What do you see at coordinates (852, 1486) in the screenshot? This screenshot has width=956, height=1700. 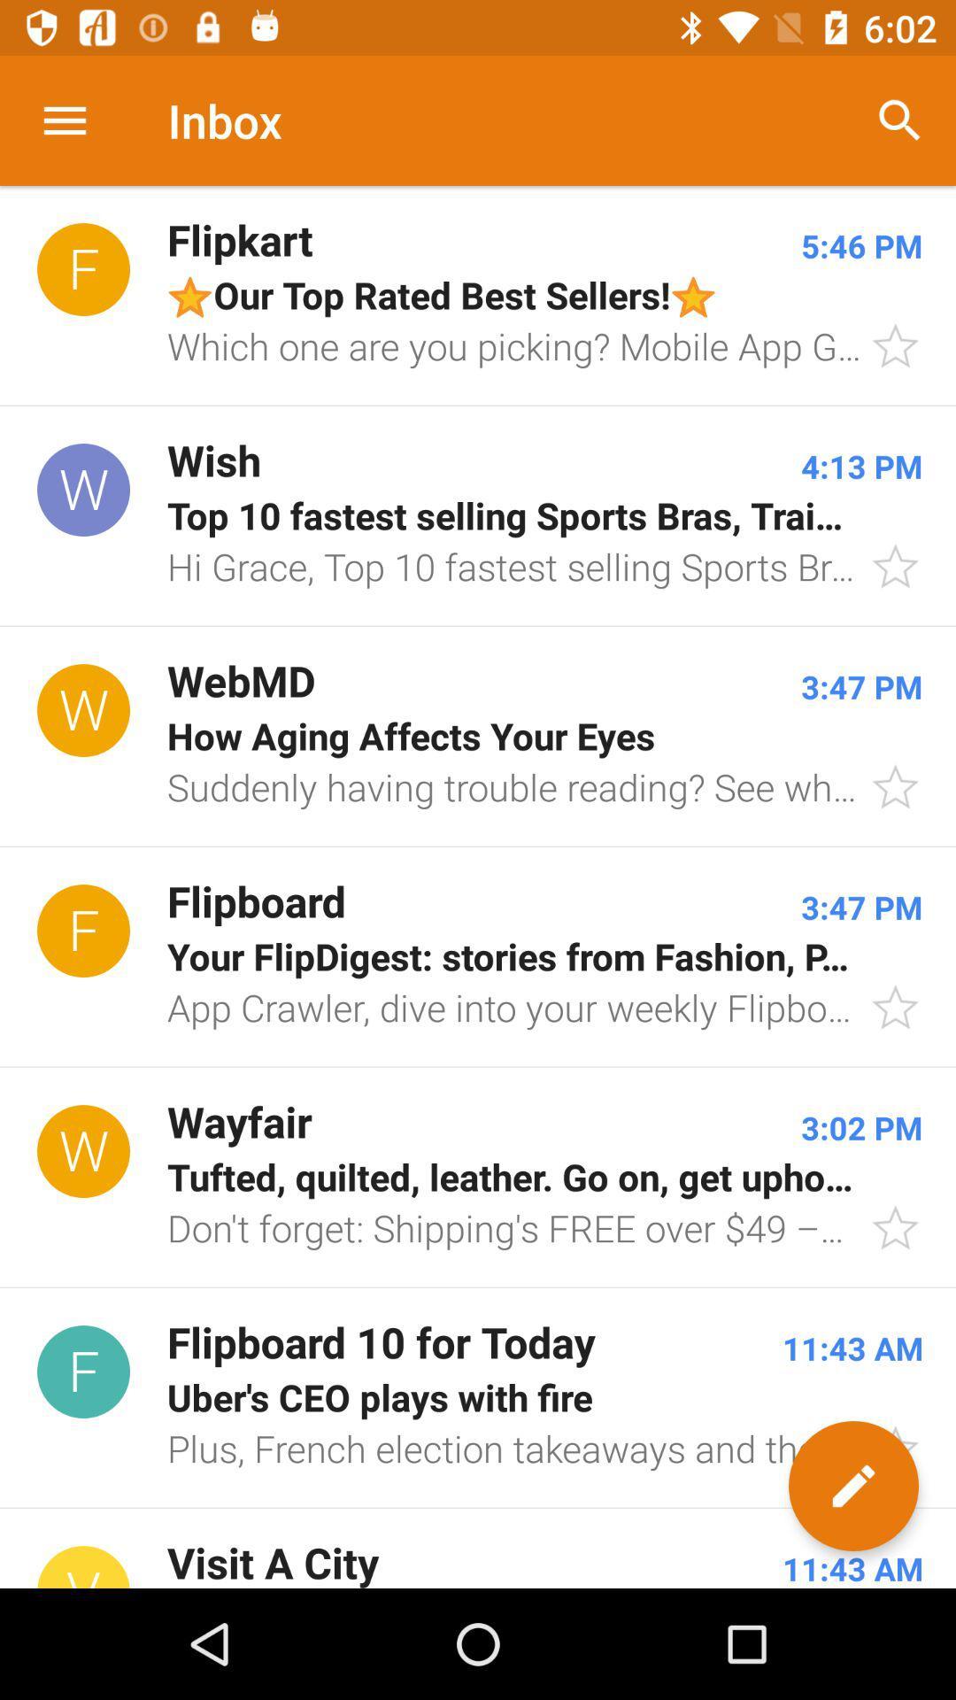 I see `the edit icon` at bounding box center [852, 1486].